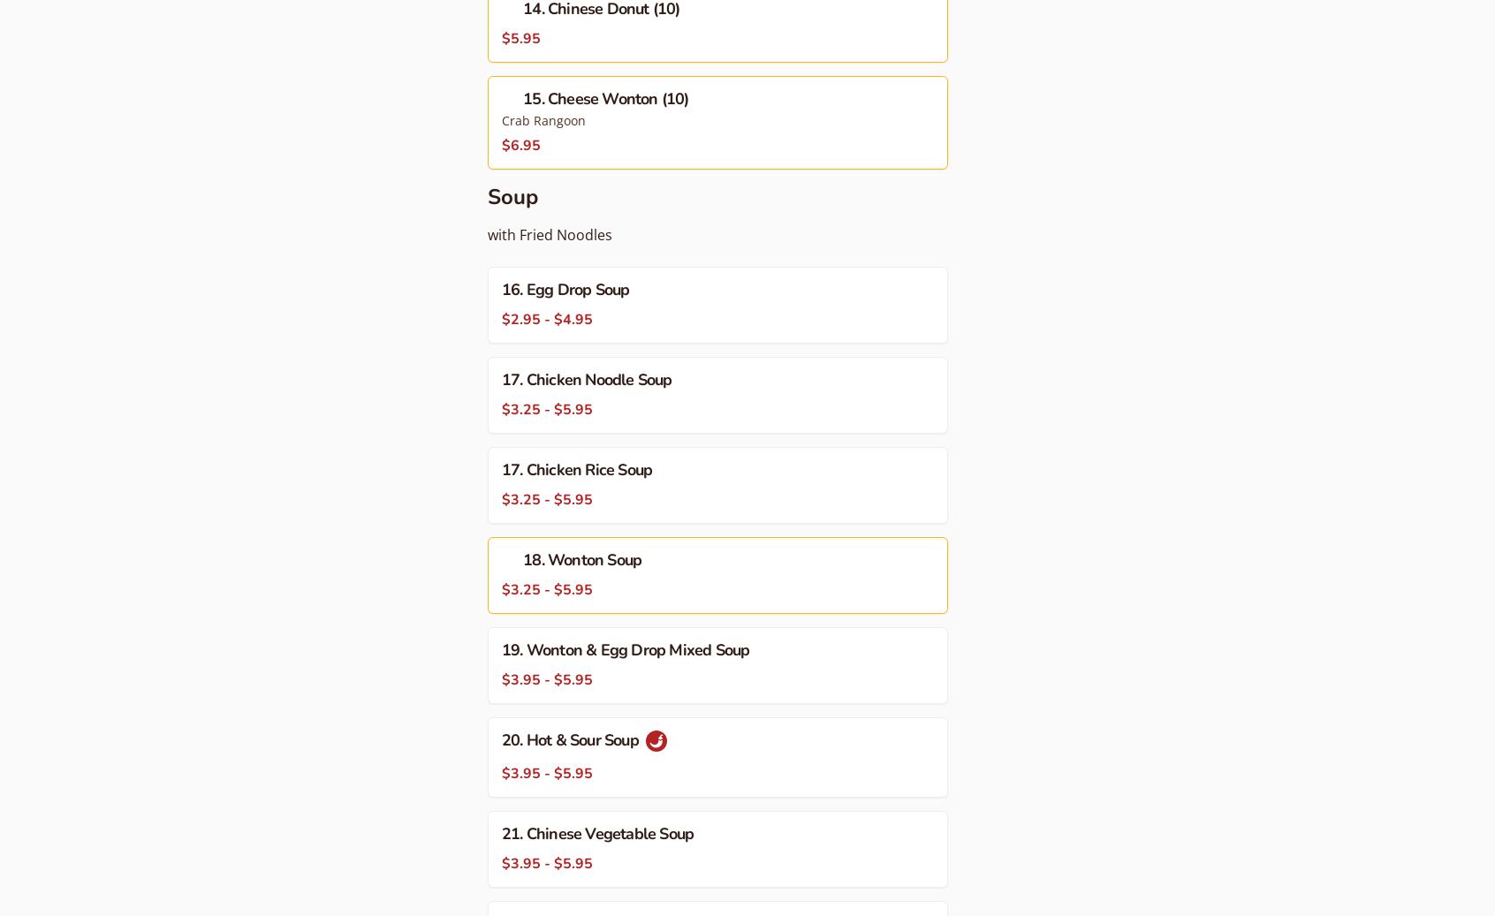  What do you see at coordinates (512, 195) in the screenshot?
I see `'Soup'` at bounding box center [512, 195].